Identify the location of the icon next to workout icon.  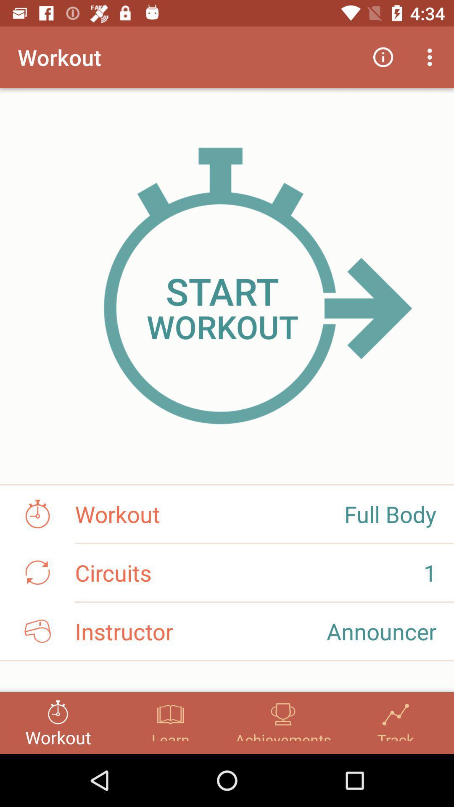
(383, 57).